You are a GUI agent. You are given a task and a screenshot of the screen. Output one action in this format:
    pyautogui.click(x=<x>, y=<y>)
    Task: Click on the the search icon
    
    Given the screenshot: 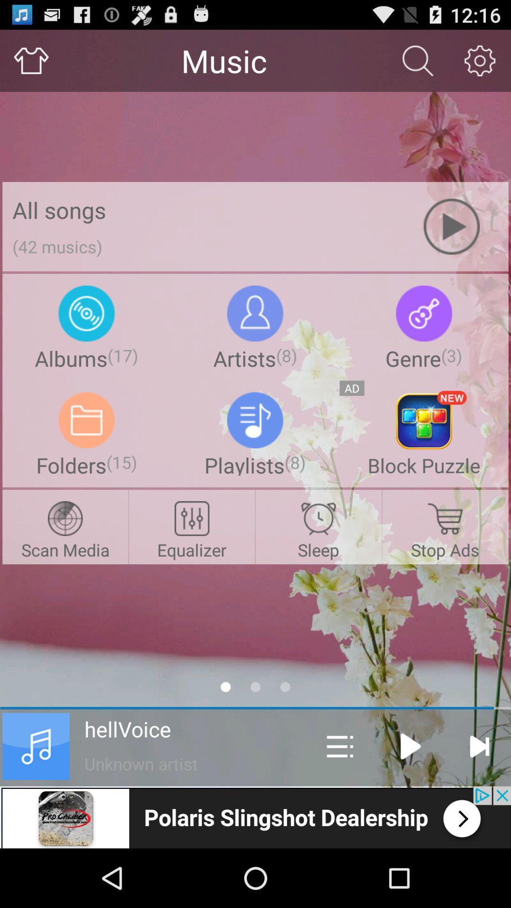 What is the action you would take?
    pyautogui.click(x=417, y=64)
    